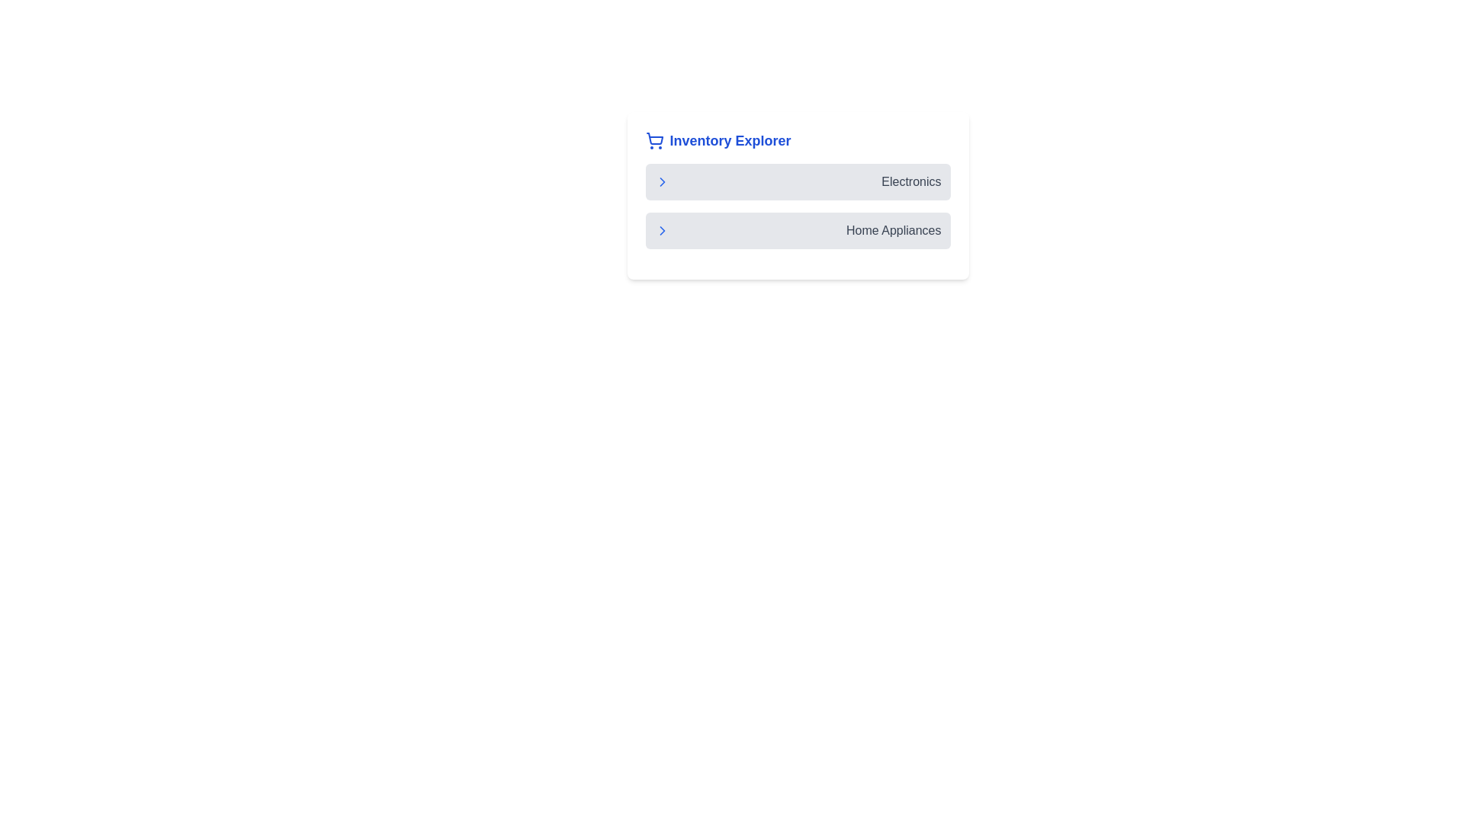  Describe the element at coordinates (654, 139) in the screenshot. I see `the decorative vector graphic that forms part of the shopping cart icon, located to the left of the 'Inventory Explorer' text at the top of the interface` at that location.